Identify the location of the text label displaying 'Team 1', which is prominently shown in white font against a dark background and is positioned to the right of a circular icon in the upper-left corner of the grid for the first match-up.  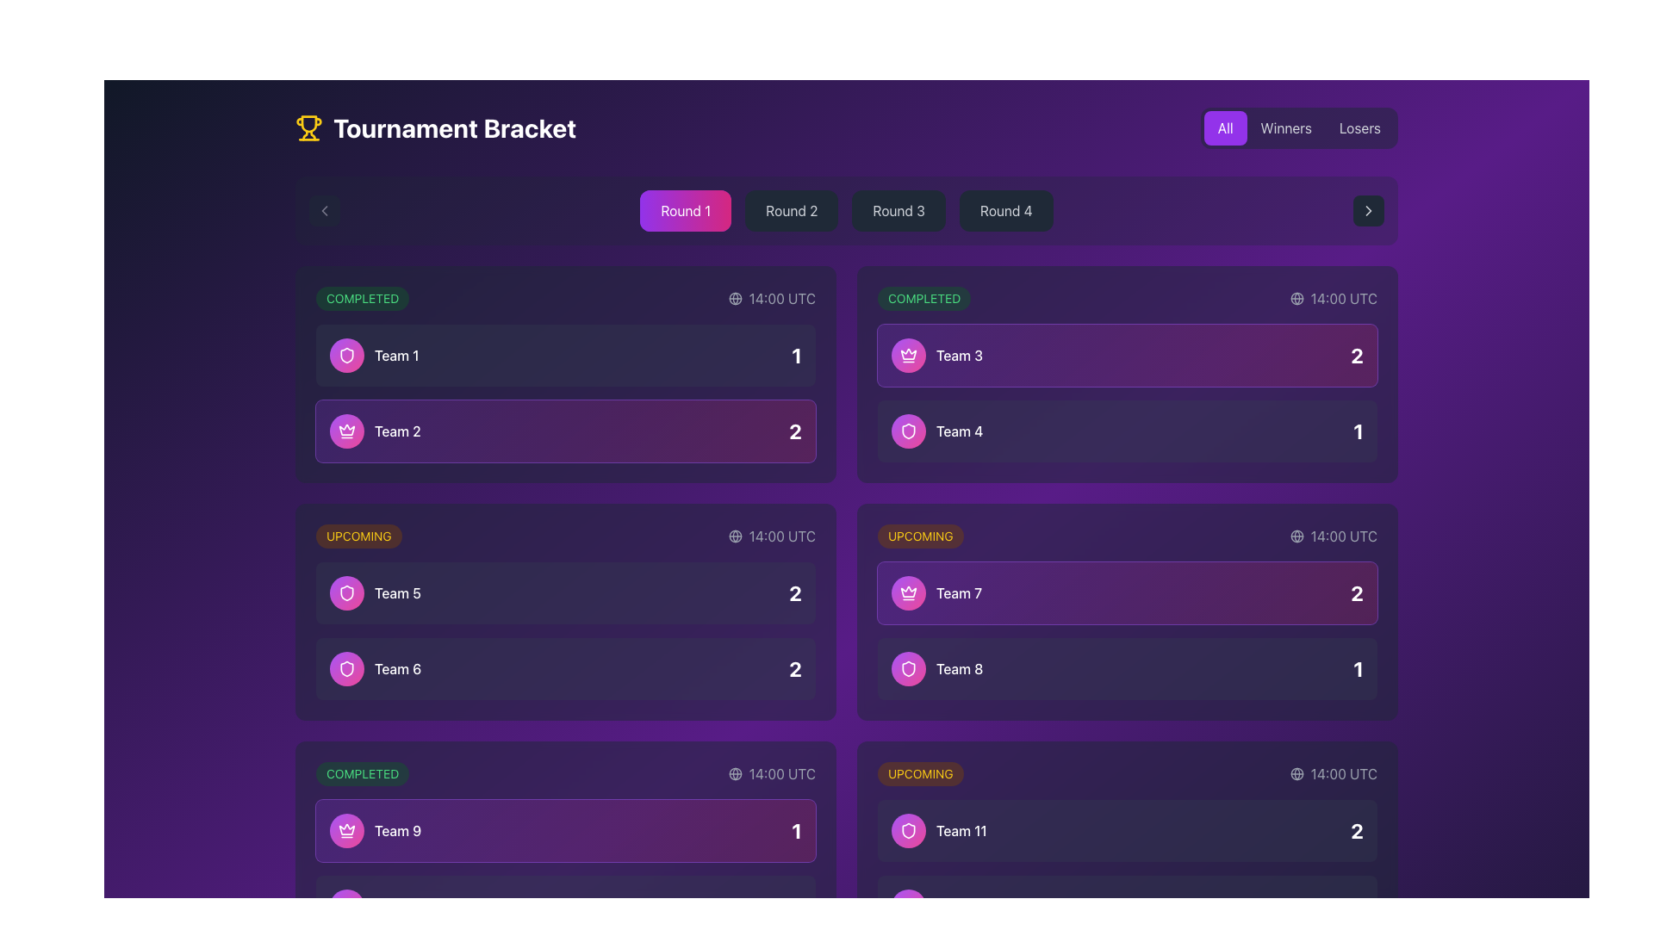
(395, 354).